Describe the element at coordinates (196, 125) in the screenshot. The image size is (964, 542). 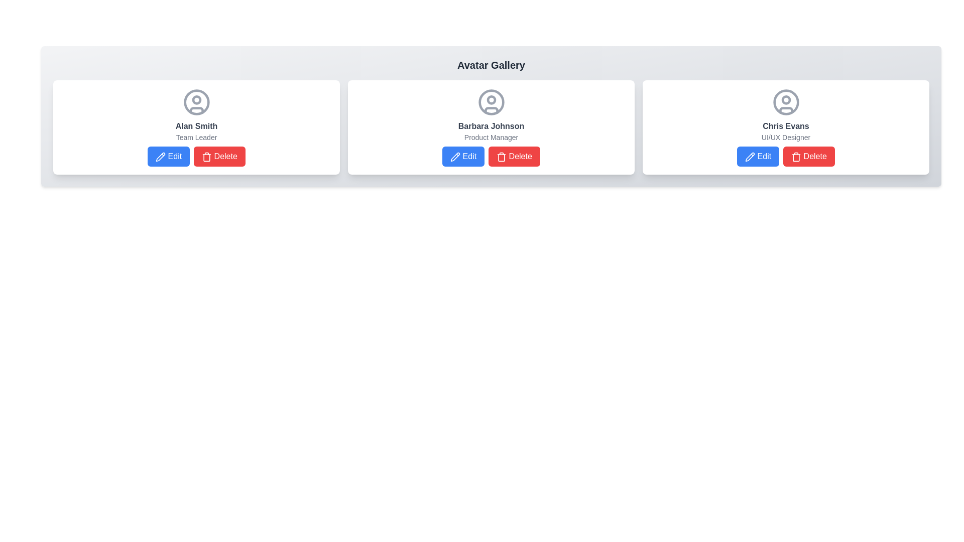
I see `the text label that identifies the name of the individual represented by the associated avatar, located directly beneath the avatar icon and above the text 'Team Leader'` at that location.